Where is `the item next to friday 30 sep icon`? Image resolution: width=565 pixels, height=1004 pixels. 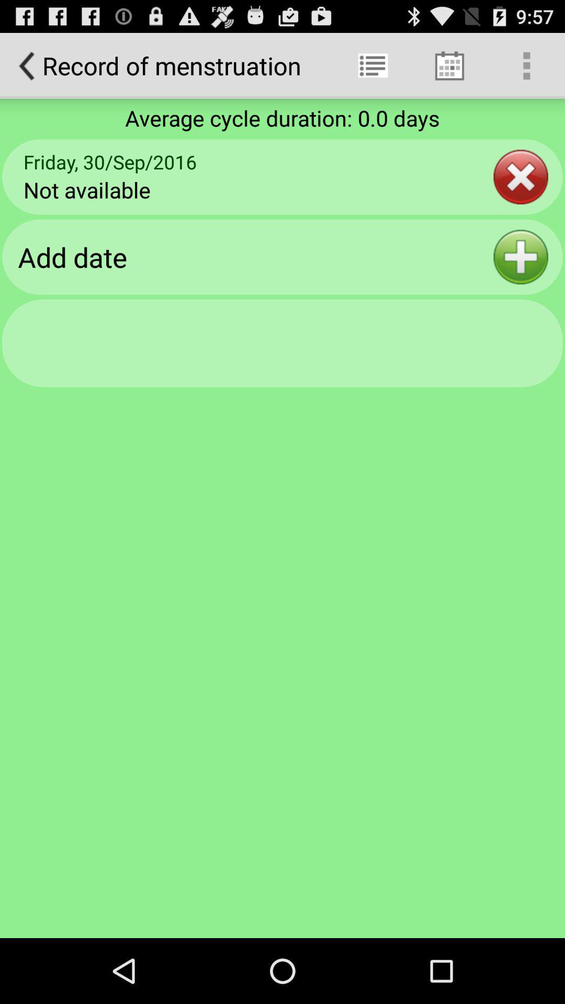
the item next to friday 30 sep icon is located at coordinates (521, 177).